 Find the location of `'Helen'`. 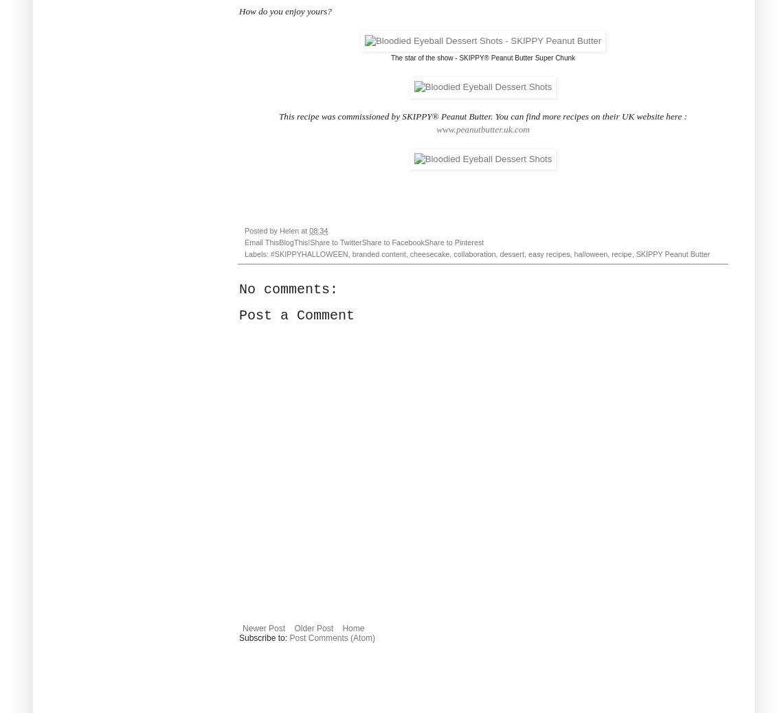

'Helen' is located at coordinates (288, 229).